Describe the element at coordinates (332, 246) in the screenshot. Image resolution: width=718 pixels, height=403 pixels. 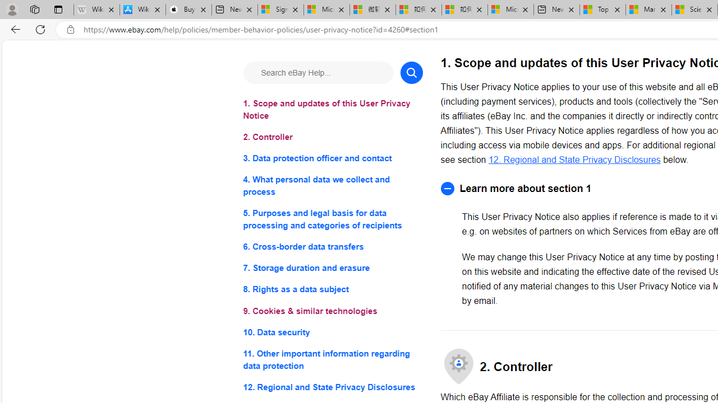
I see `'6. Cross-border data transfers'` at that location.